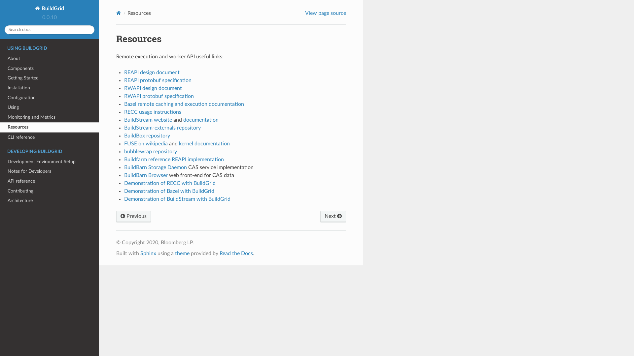  I want to click on 'BuildBarn Storage Daemon', so click(155, 167).